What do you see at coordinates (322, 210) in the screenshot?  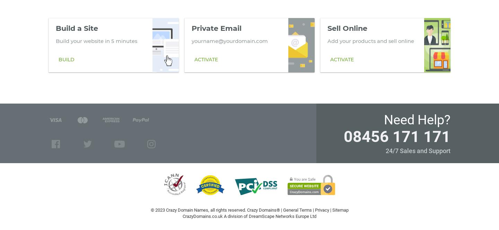 I see `'Privacy'` at bounding box center [322, 210].